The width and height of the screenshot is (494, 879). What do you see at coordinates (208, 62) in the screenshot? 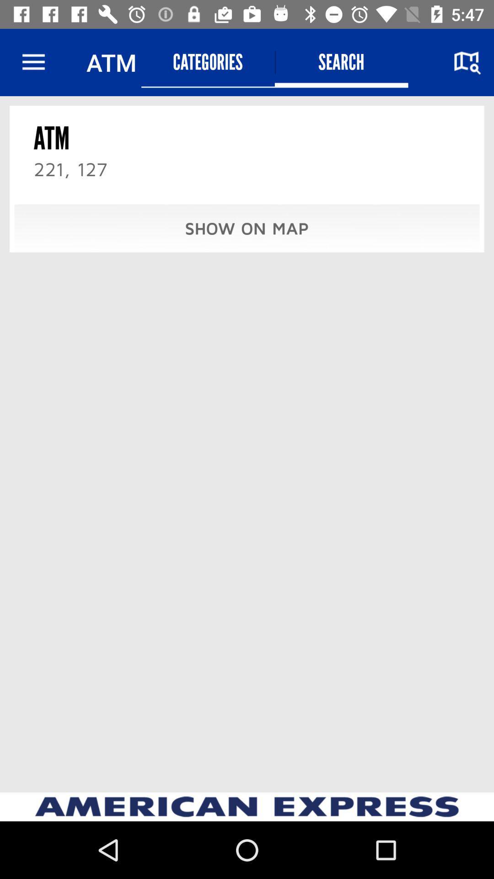
I see `the item next to search` at bounding box center [208, 62].